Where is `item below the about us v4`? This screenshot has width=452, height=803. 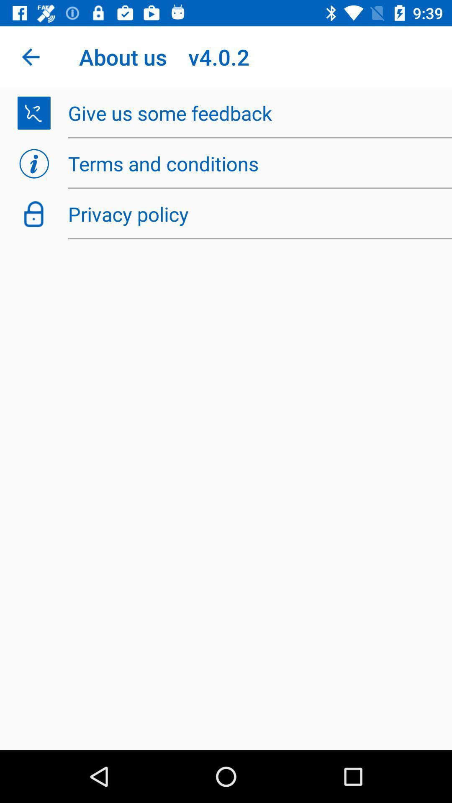 item below the about us v4 is located at coordinates (255, 113).